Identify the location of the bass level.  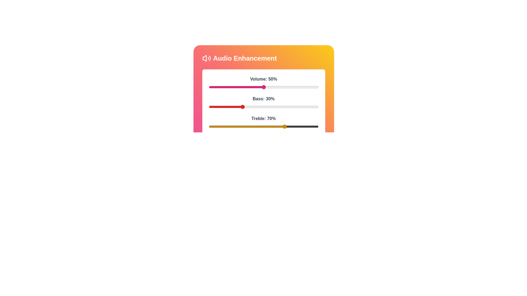
(250, 107).